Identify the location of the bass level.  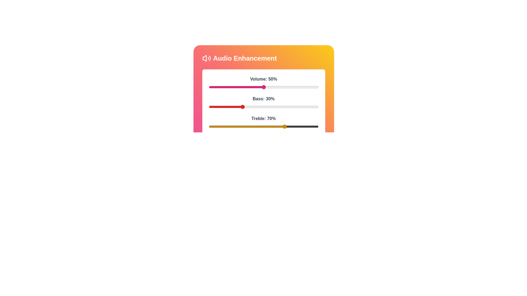
(250, 107).